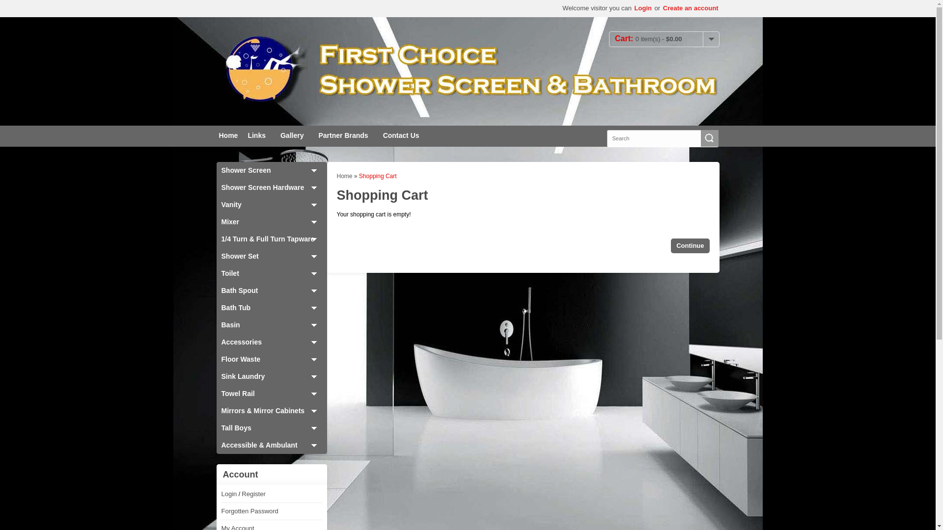  What do you see at coordinates (664, 39) in the screenshot?
I see `'Cart:` at bounding box center [664, 39].